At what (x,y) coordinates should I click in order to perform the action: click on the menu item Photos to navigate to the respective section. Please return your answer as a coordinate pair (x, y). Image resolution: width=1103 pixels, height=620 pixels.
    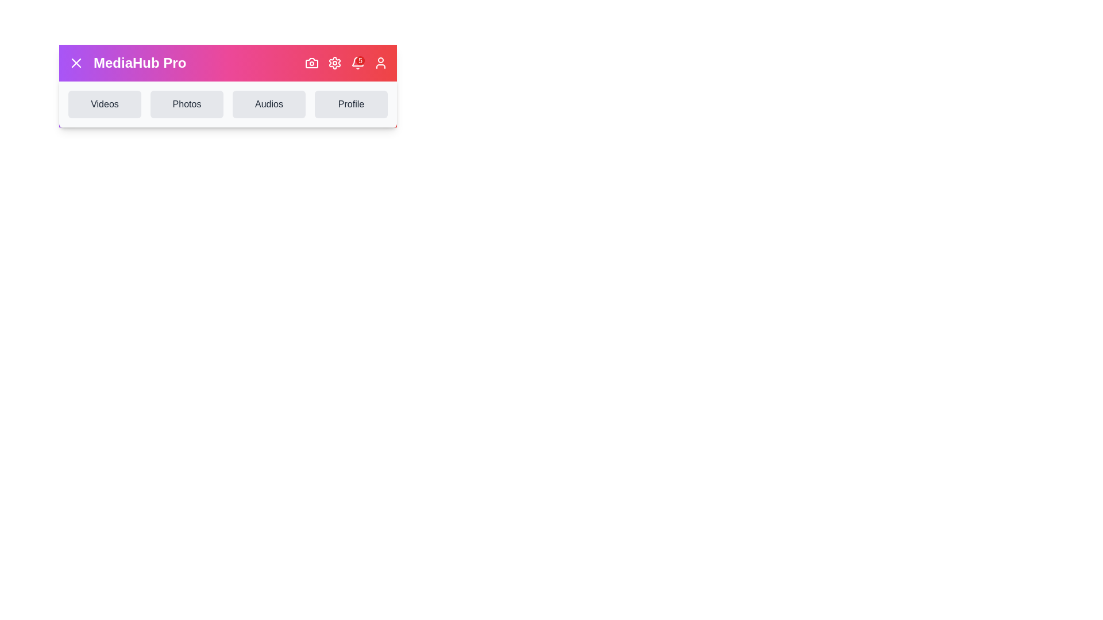
    Looking at the image, I should click on (187, 104).